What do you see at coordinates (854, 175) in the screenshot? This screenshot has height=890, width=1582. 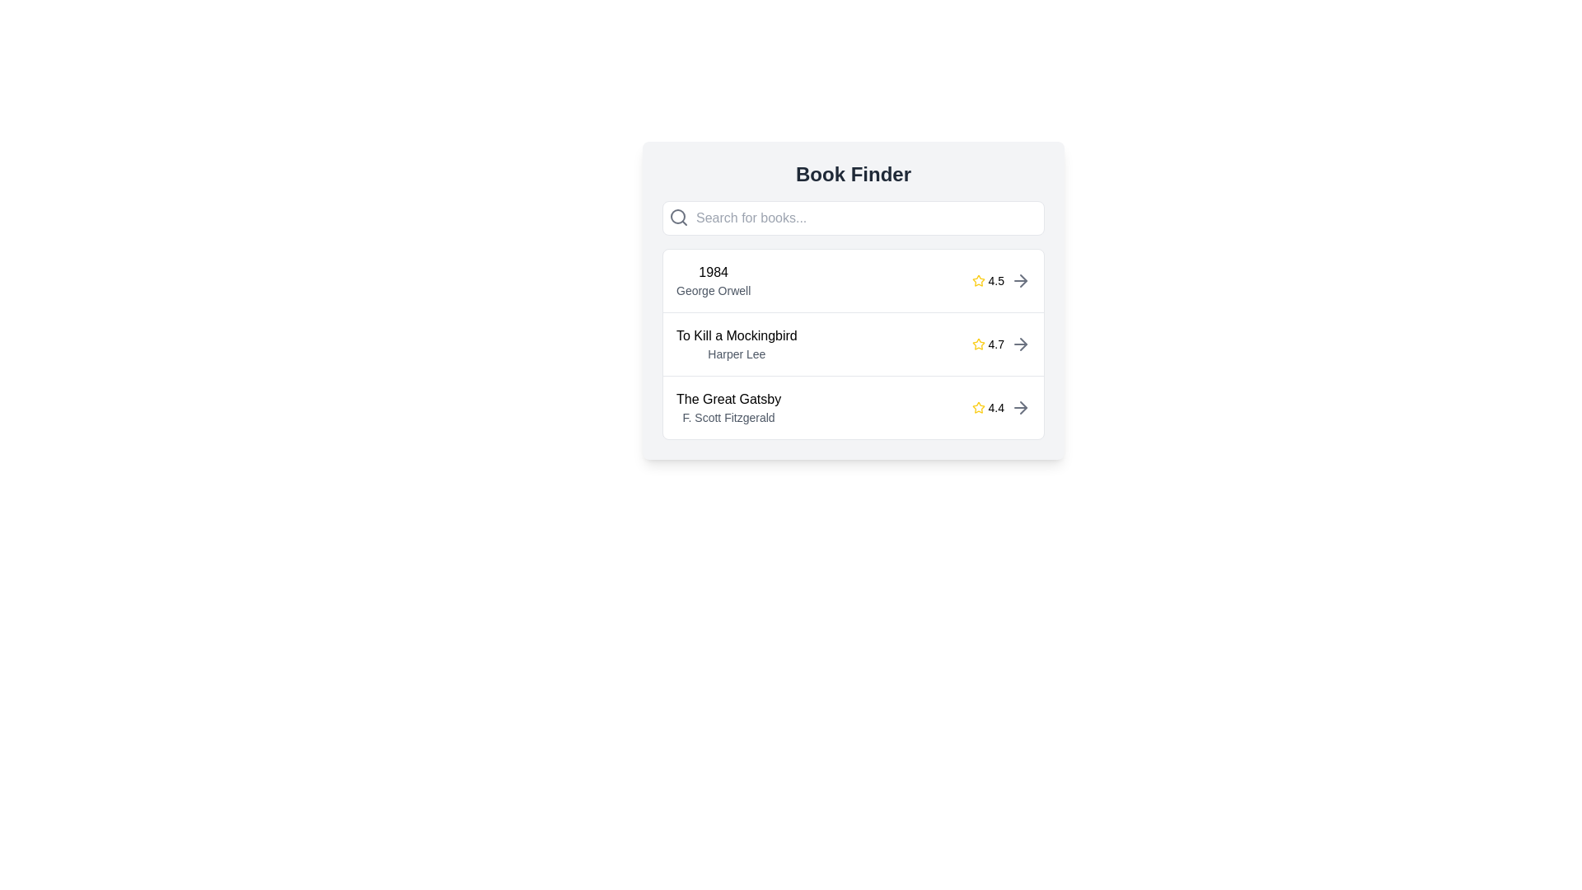 I see `the bold and large text label displaying the title 'Book Finder' at the top center of the interface` at bounding box center [854, 175].